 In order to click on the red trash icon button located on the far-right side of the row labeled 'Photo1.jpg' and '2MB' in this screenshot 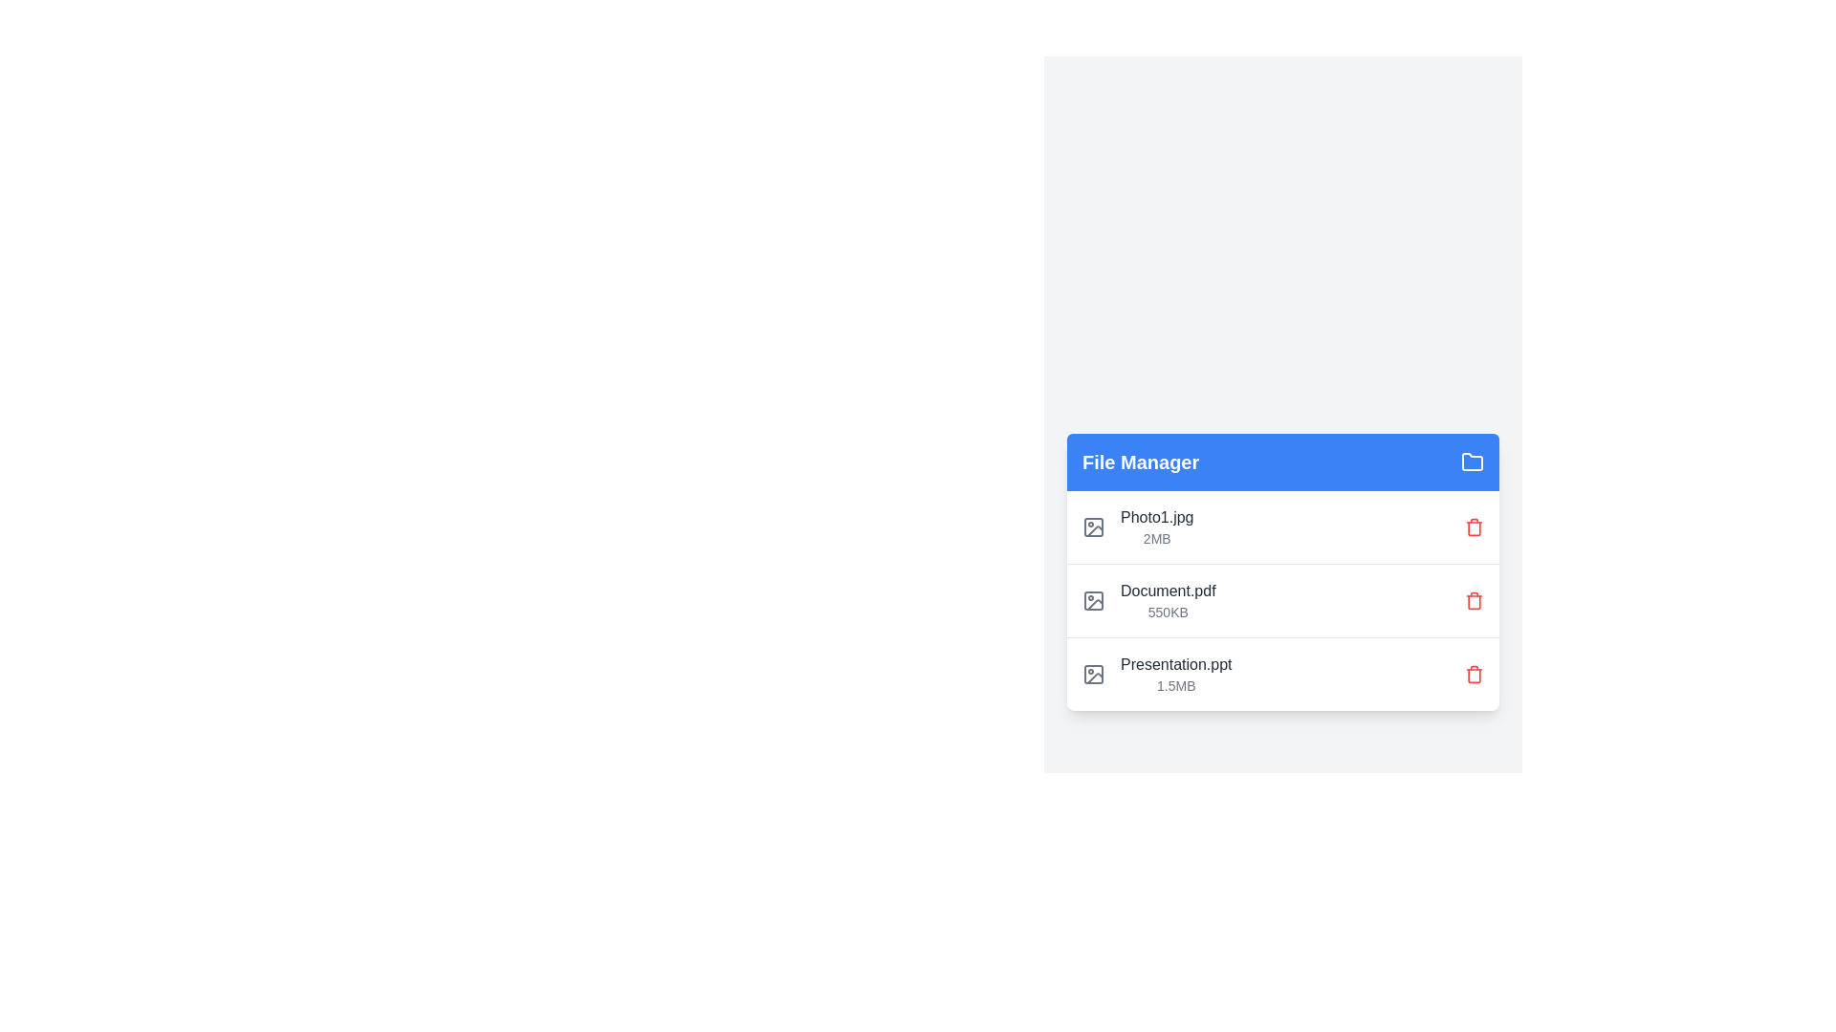, I will do `click(1473, 527)`.